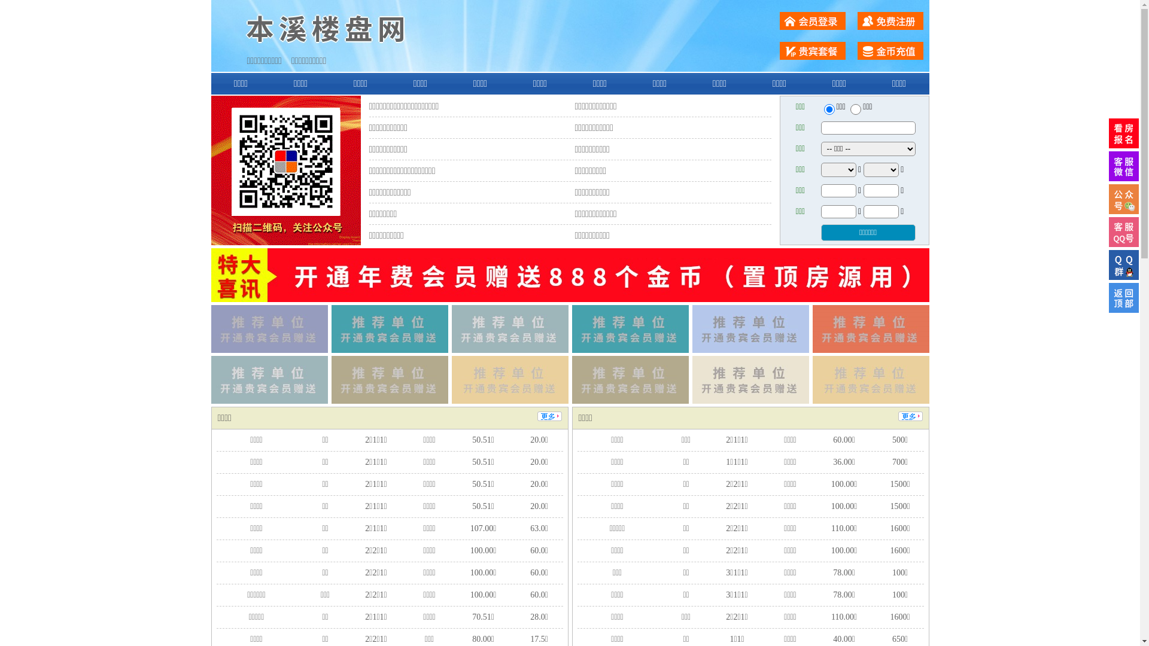  Describe the element at coordinates (855, 109) in the screenshot. I see `'chuzu'` at that location.